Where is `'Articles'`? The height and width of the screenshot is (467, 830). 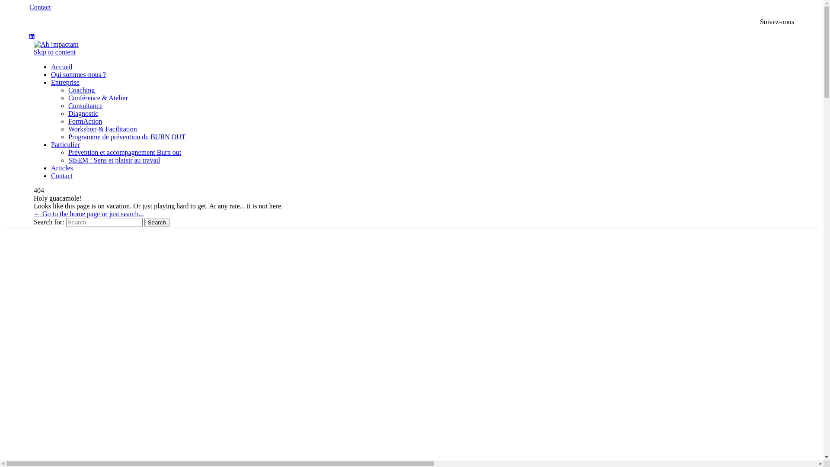
'Articles' is located at coordinates (61, 168).